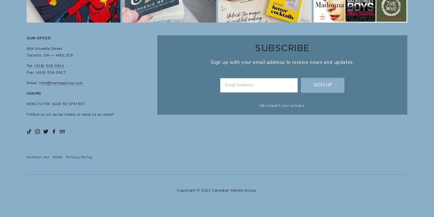 The width and height of the screenshot is (434, 217). What do you see at coordinates (216, 191) in the screenshot?
I see `'Copyright © 2021 Canadian Manda Group.'` at bounding box center [216, 191].